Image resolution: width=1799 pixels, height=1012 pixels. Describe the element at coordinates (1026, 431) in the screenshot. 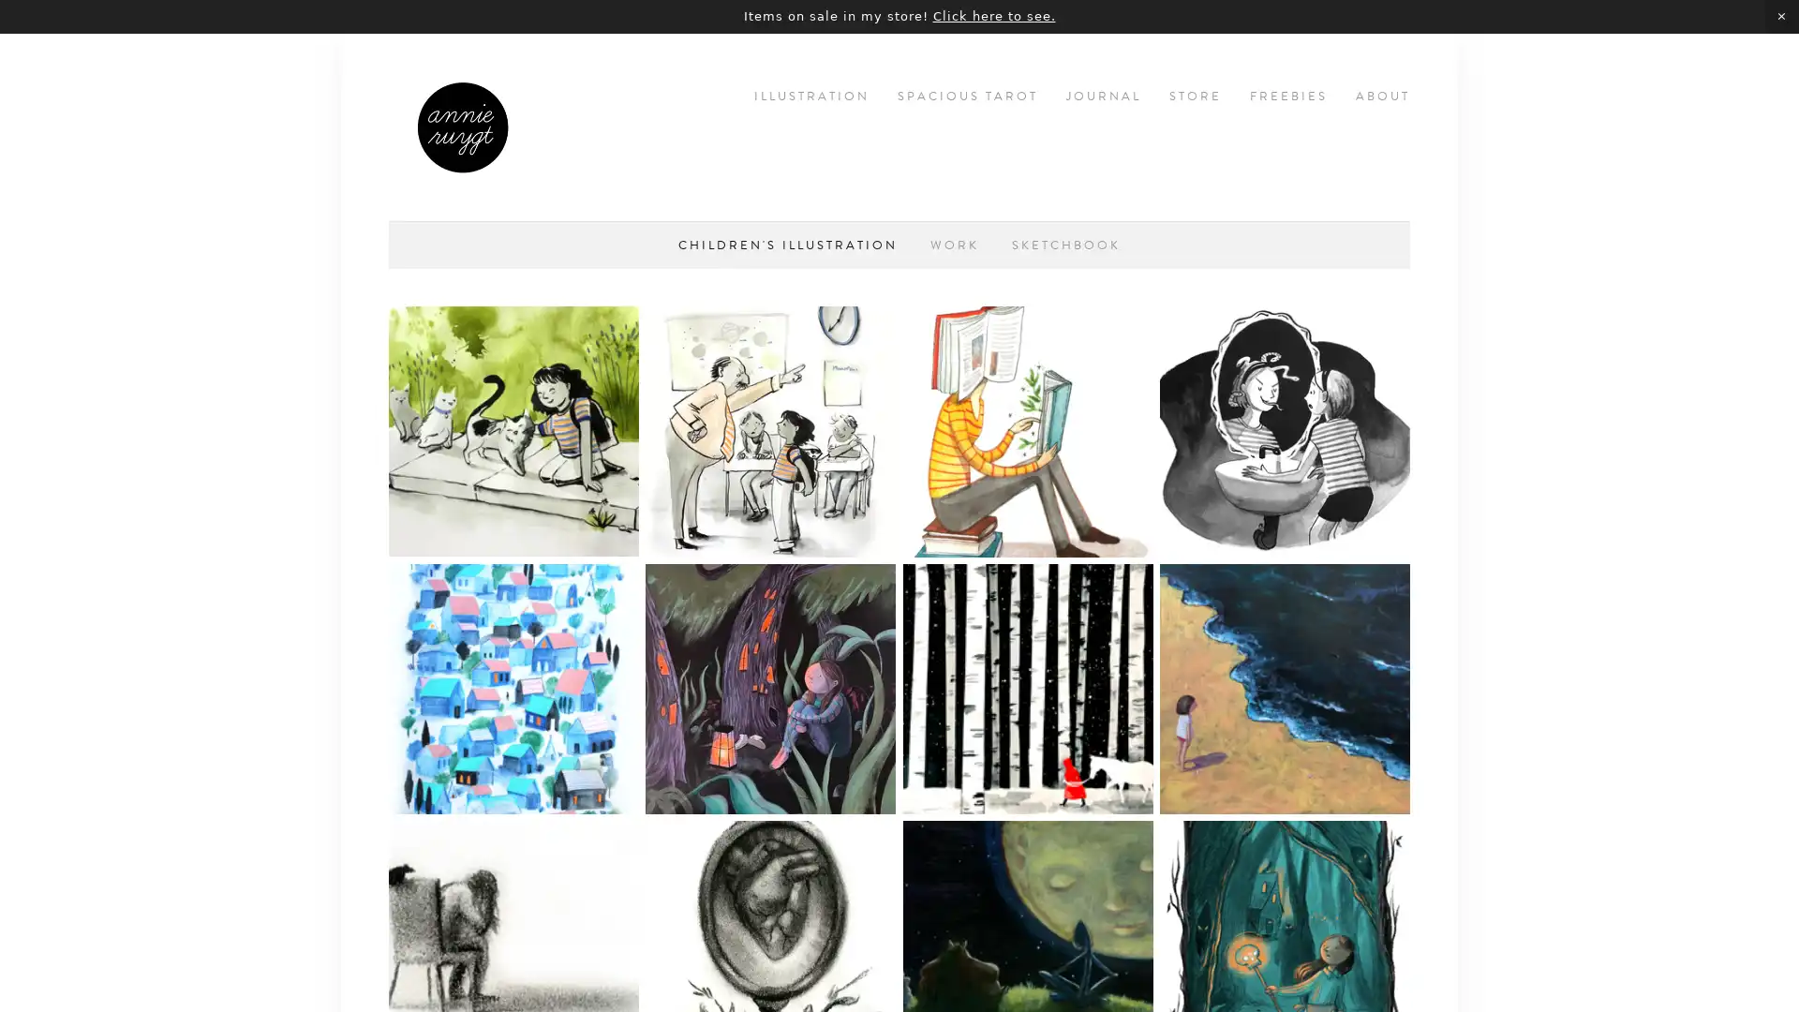

I see `View fullsize Screen Shot 2018-03-06 at 5.58.28 PM.png` at that location.